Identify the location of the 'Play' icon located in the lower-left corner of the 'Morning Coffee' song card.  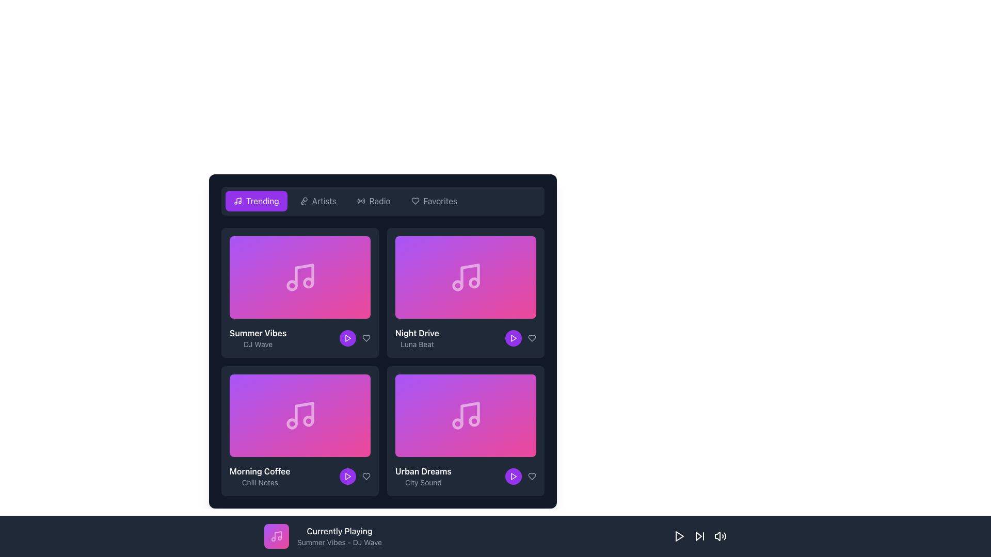
(348, 477).